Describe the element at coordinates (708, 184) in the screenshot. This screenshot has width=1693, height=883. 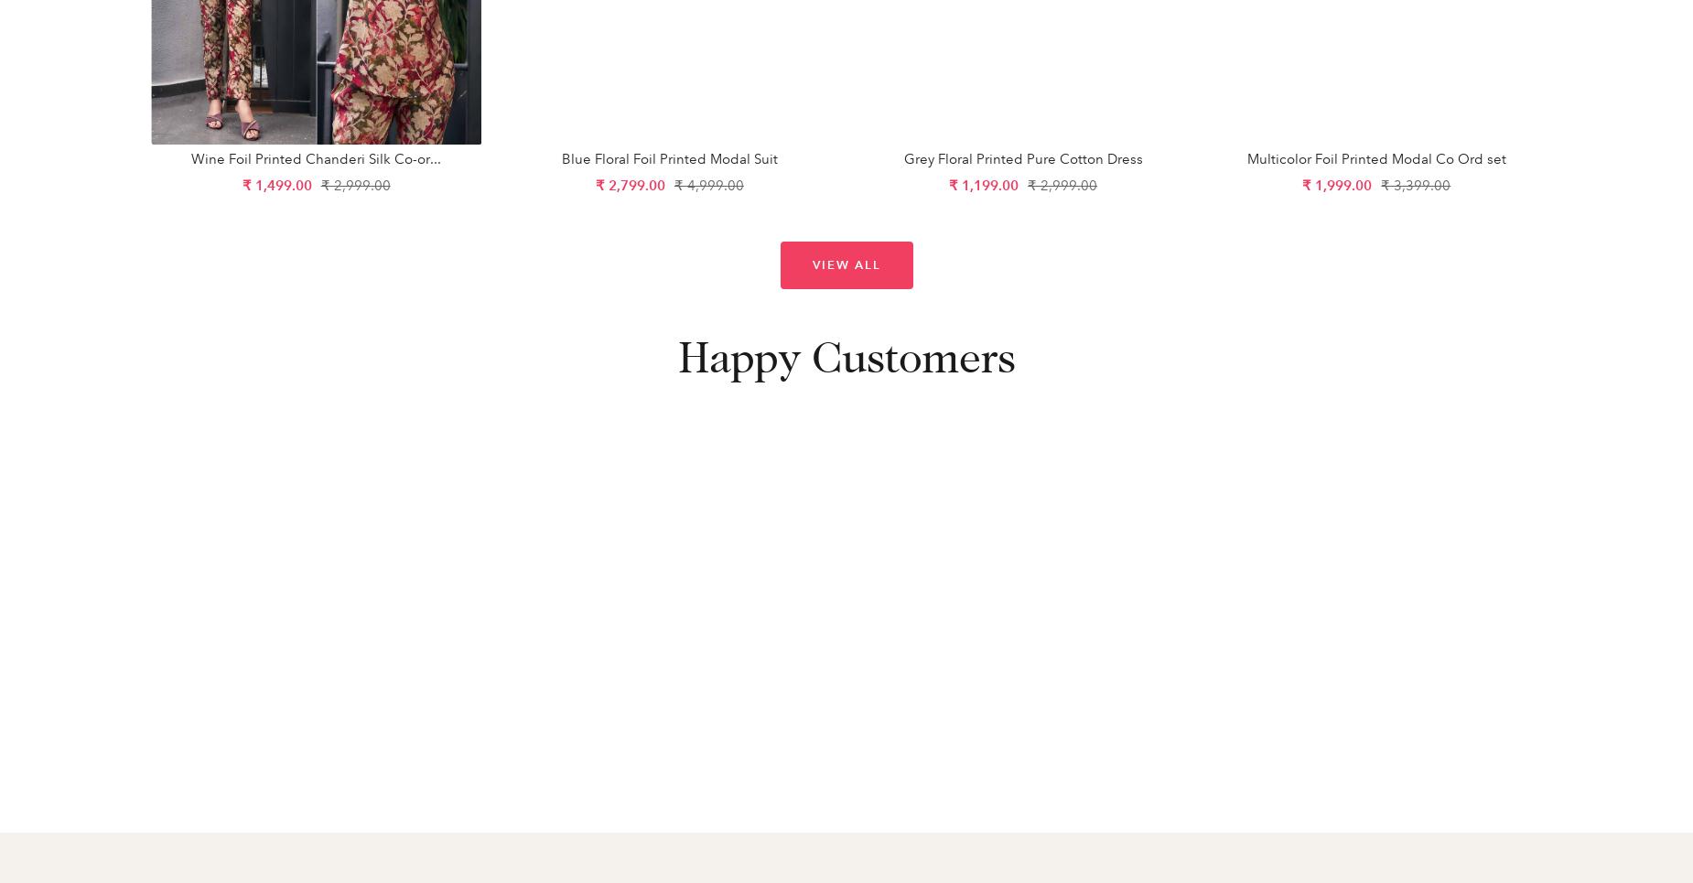
I see `'₹ 4,999.00'` at that location.